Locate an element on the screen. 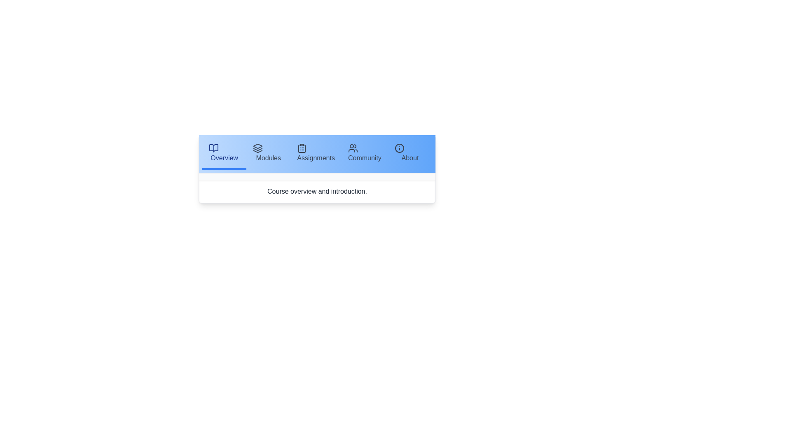 Image resolution: width=791 pixels, height=445 pixels. the navigational button located as the far-right tab in the horizontal navigation bar, adjacent to the information symbol is located at coordinates (410, 158).